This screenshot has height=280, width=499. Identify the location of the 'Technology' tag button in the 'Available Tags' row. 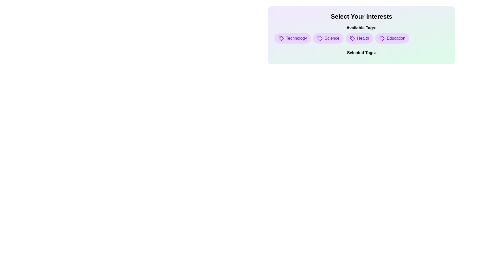
(293, 38).